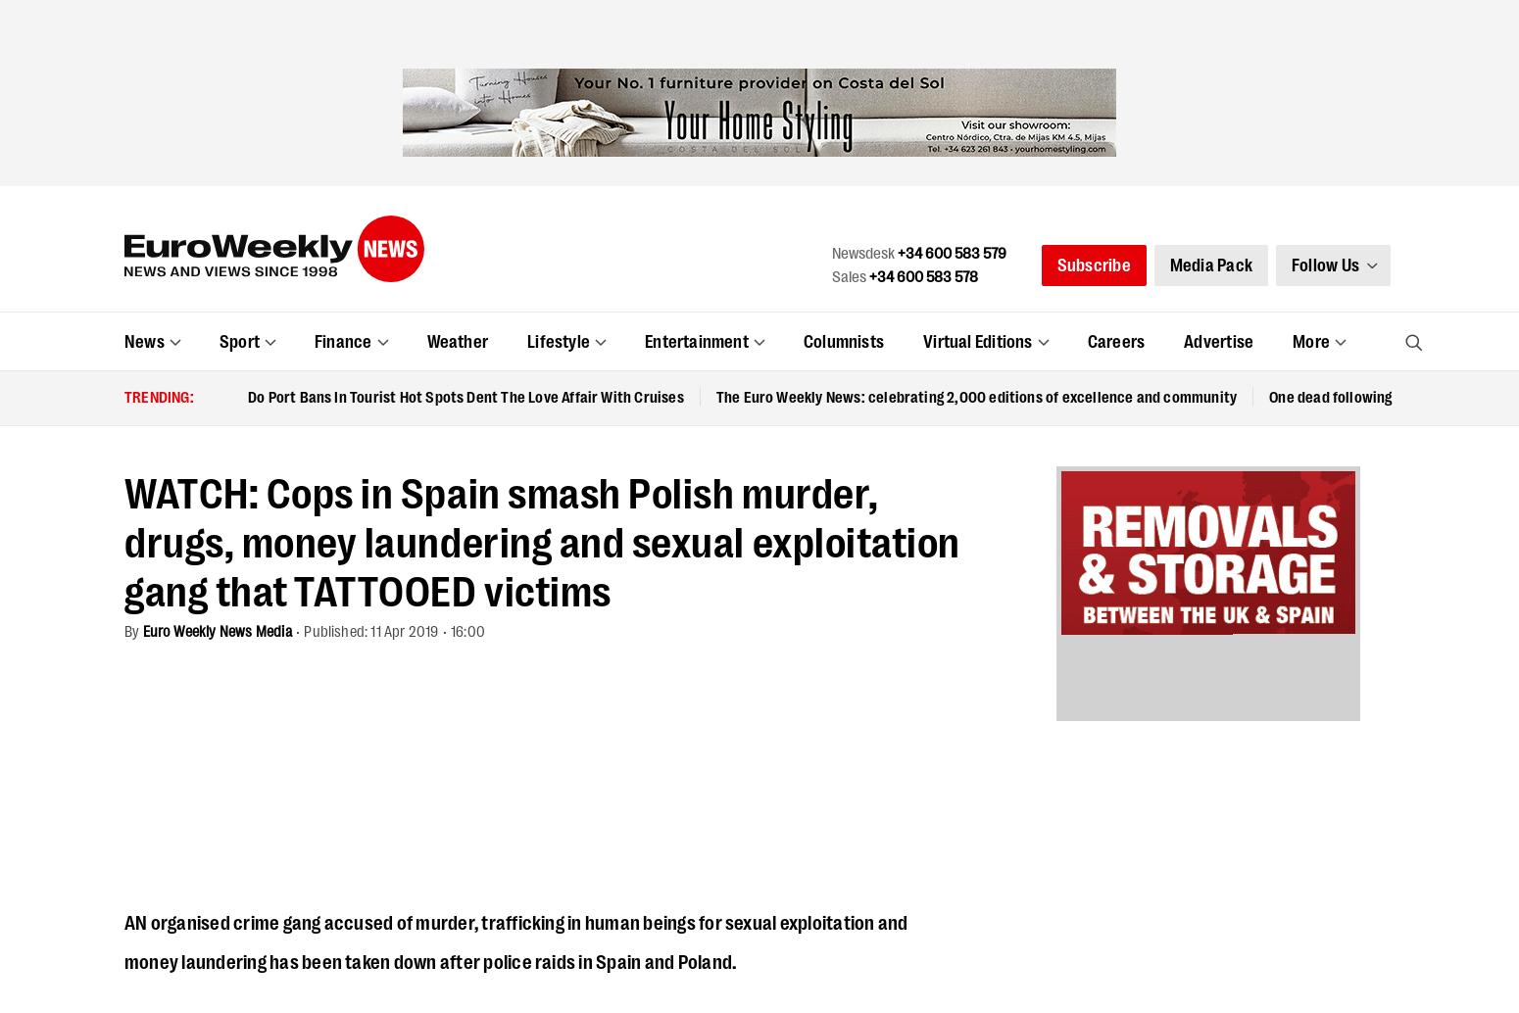 This screenshot has height=1013, width=1519. What do you see at coordinates (611, 506) in the screenshot?
I see `'newsdesk@euroweeklynews.com'` at bounding box center [611, 506].